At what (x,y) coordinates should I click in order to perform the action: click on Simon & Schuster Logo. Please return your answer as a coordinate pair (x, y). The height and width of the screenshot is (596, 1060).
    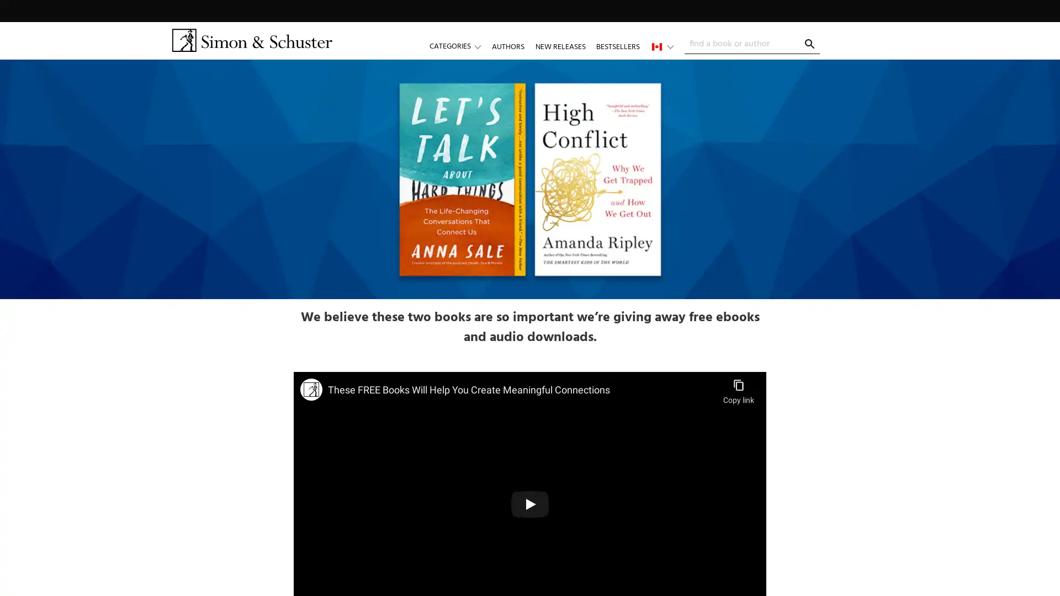
    Looking at the image, I should click on (251, 40).